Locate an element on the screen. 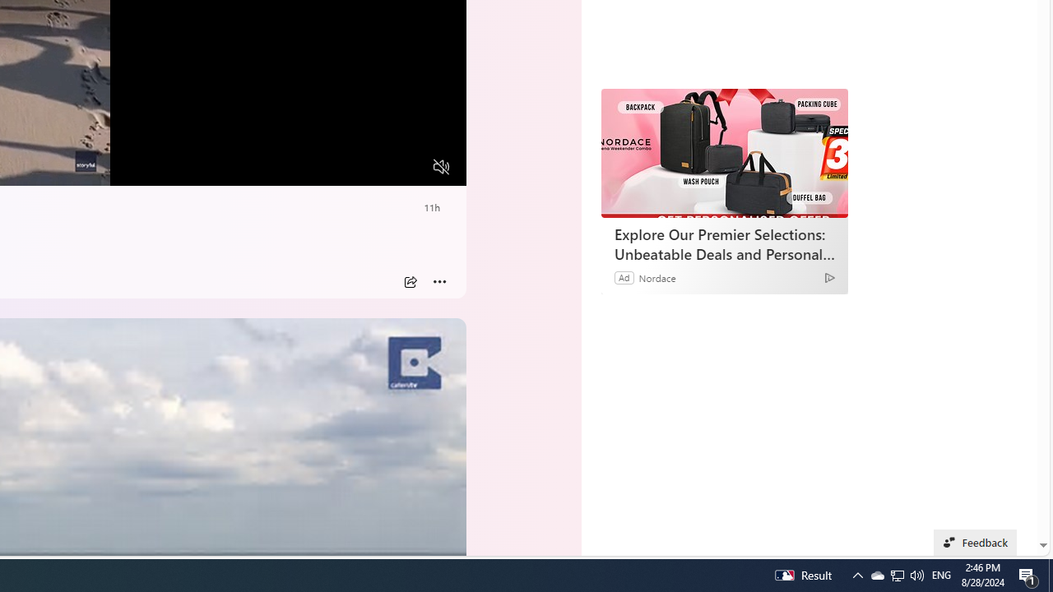 The height and width of the screenshot is (592, 1053). 'Fullscreen' is located at coordinates (409, 167).